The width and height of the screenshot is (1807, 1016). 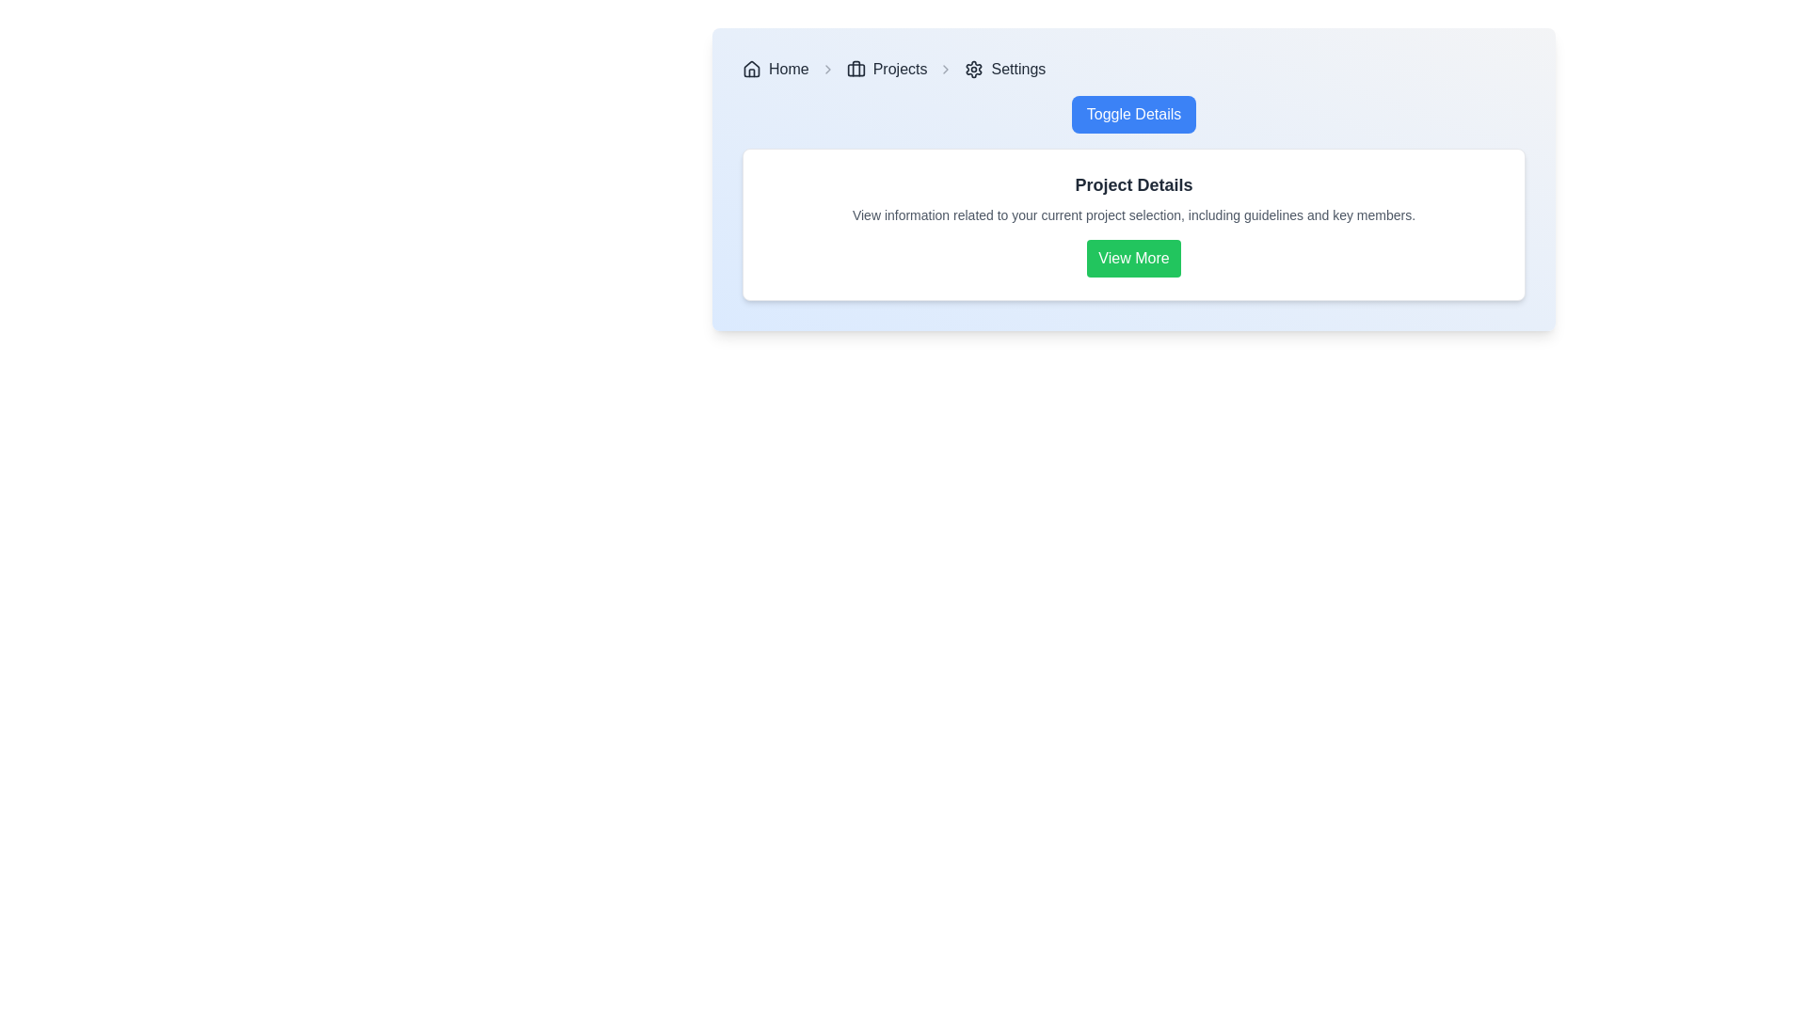 What do you see at coordinates (776, 68) in the screenshot?
I see `the 'Home' hyperlink text with icon, which is the first item in the navigation bar` at bounding box center [776, 68].